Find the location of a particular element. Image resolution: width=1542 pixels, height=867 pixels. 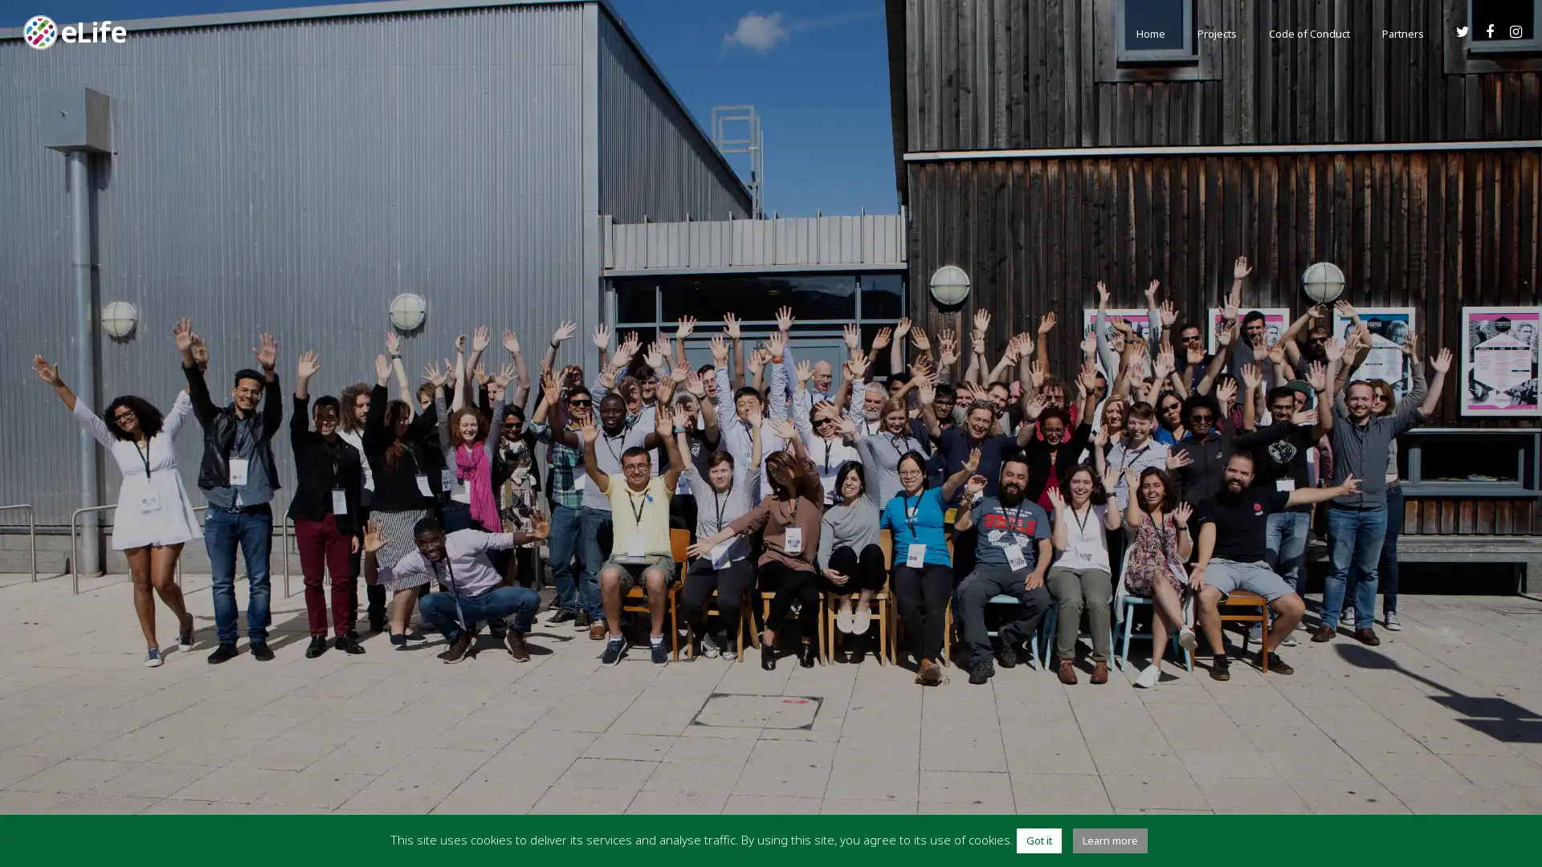

Got it is located at coordinates (1038, 840).